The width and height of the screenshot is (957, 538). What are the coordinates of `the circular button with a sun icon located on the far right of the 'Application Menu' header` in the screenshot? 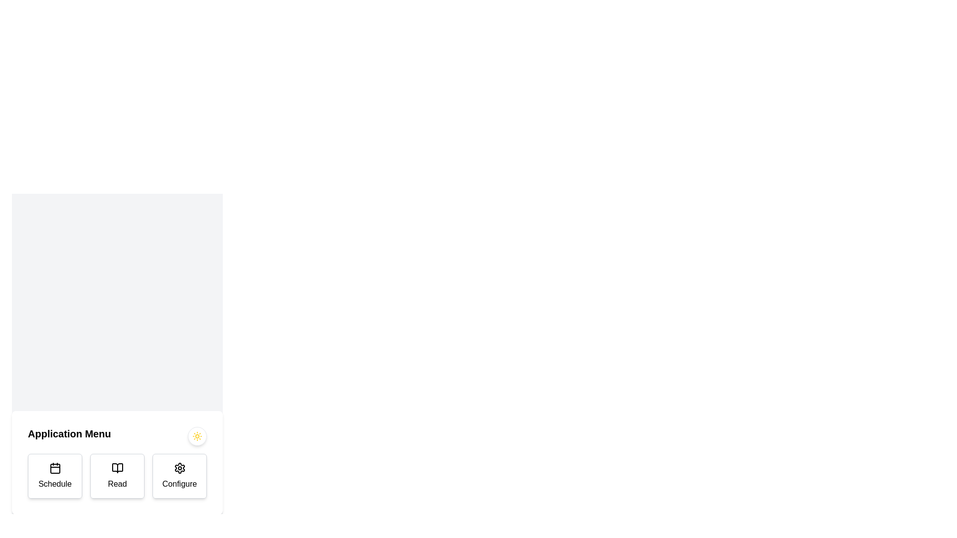 It's located at (197, 435).